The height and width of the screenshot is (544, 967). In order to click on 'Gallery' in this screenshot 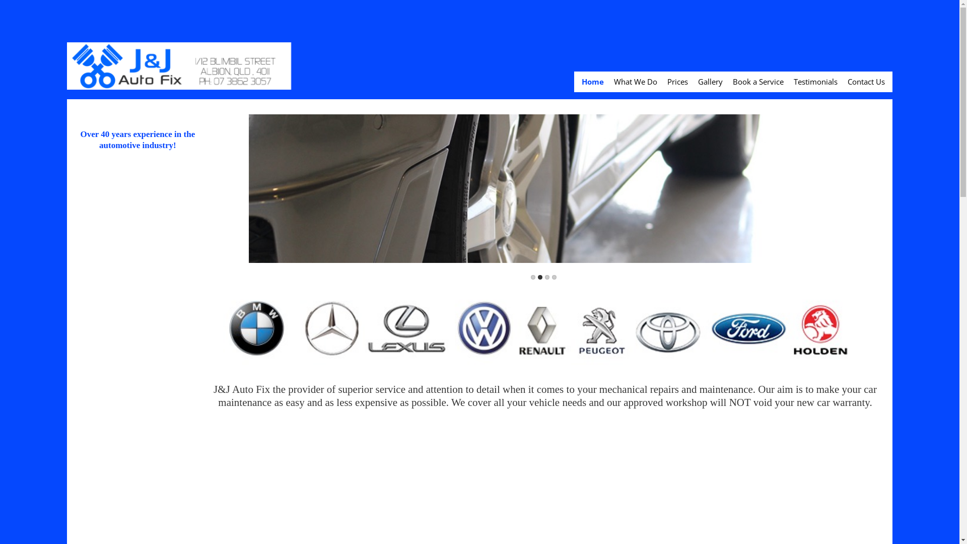, I will do `click(710, 81)`.